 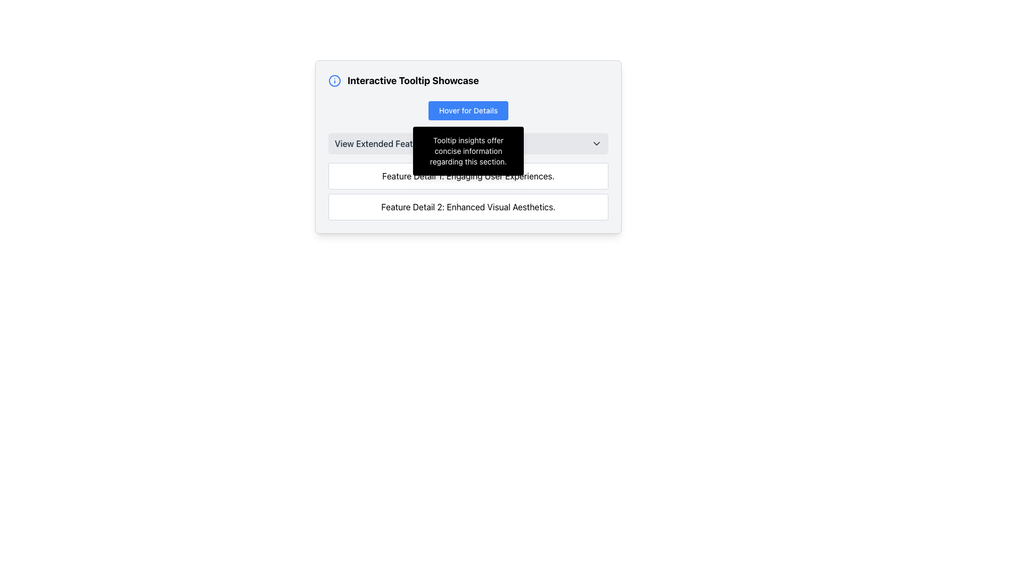 I want to click on the circular icon with an 'i' symbol, styled with a blue stroke, located to the left of the text 'Interactive Tooltip Showcase', so click(x=334, y=80).